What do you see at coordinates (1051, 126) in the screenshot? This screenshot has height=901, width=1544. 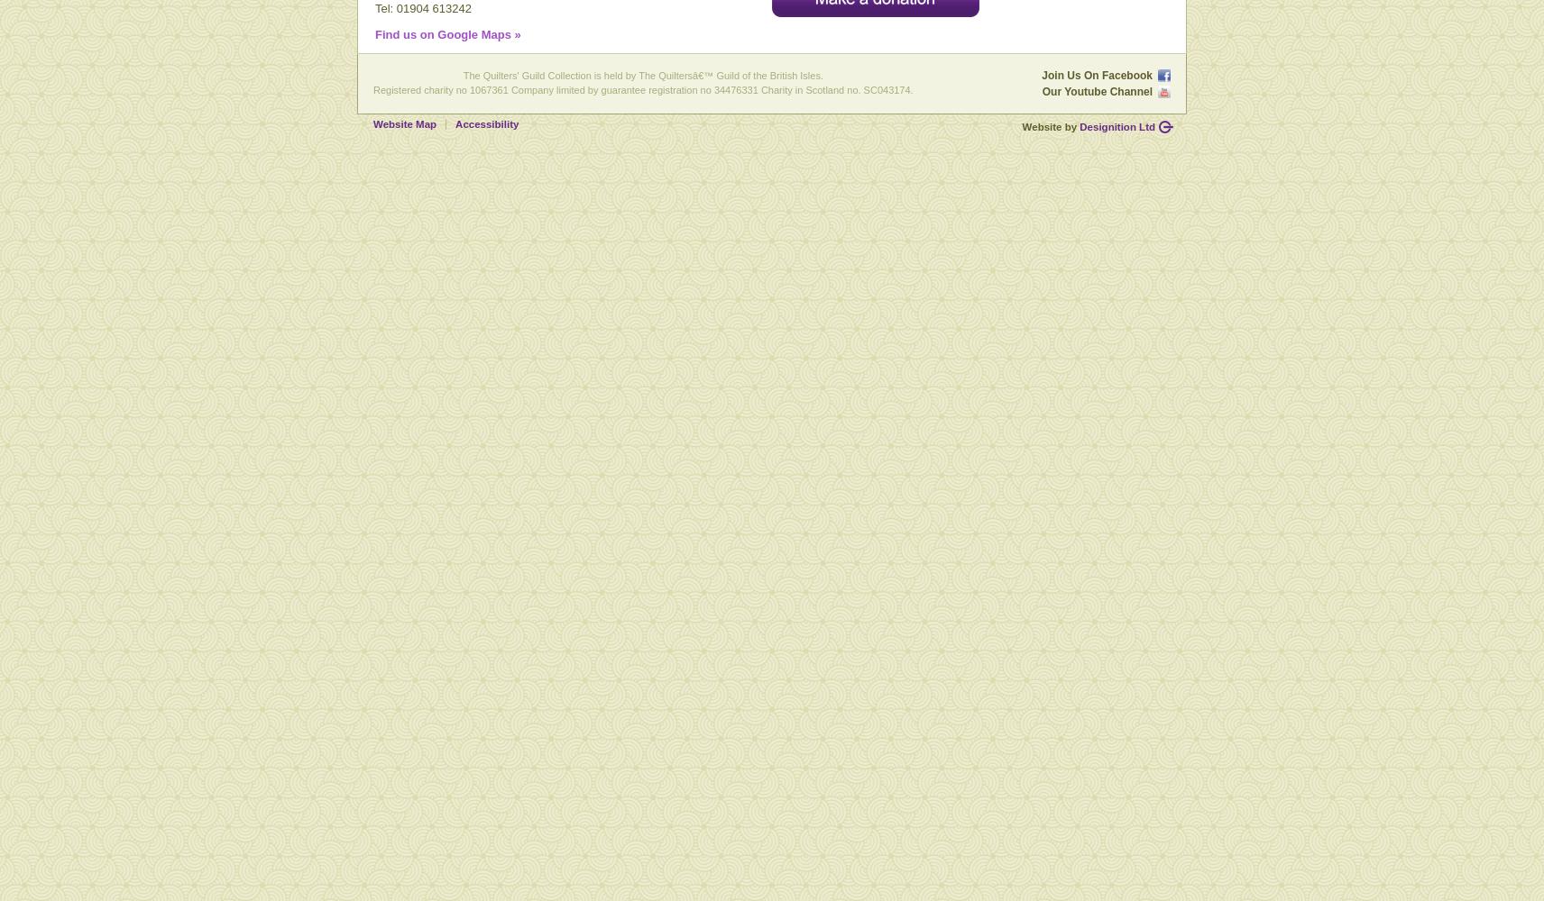 I see `'Website by'` at bounding box center [1051, 126].